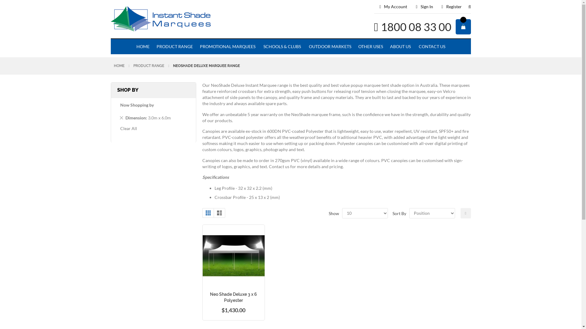 This screenshot has width=586, height=329. What do you see at coordinates (400, 46) in the screenshot?
I see `'ABOUT US'` at bounding box center [400, 46].